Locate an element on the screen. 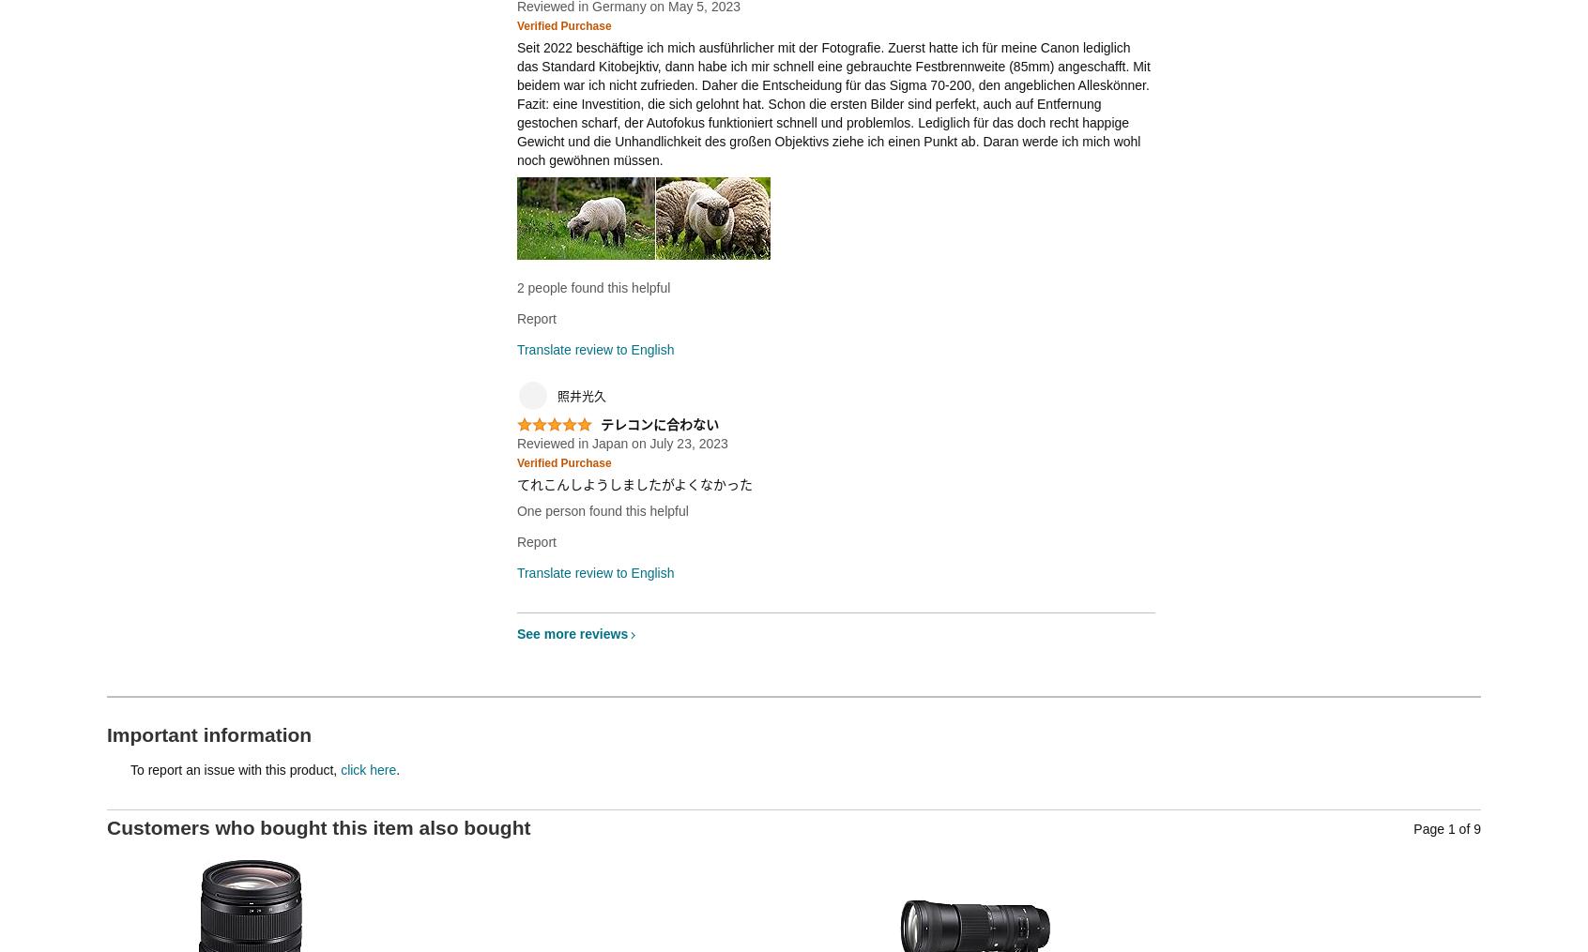 This screenshot has width=1588, height=952. '.' is located at coordinates (397, 769).